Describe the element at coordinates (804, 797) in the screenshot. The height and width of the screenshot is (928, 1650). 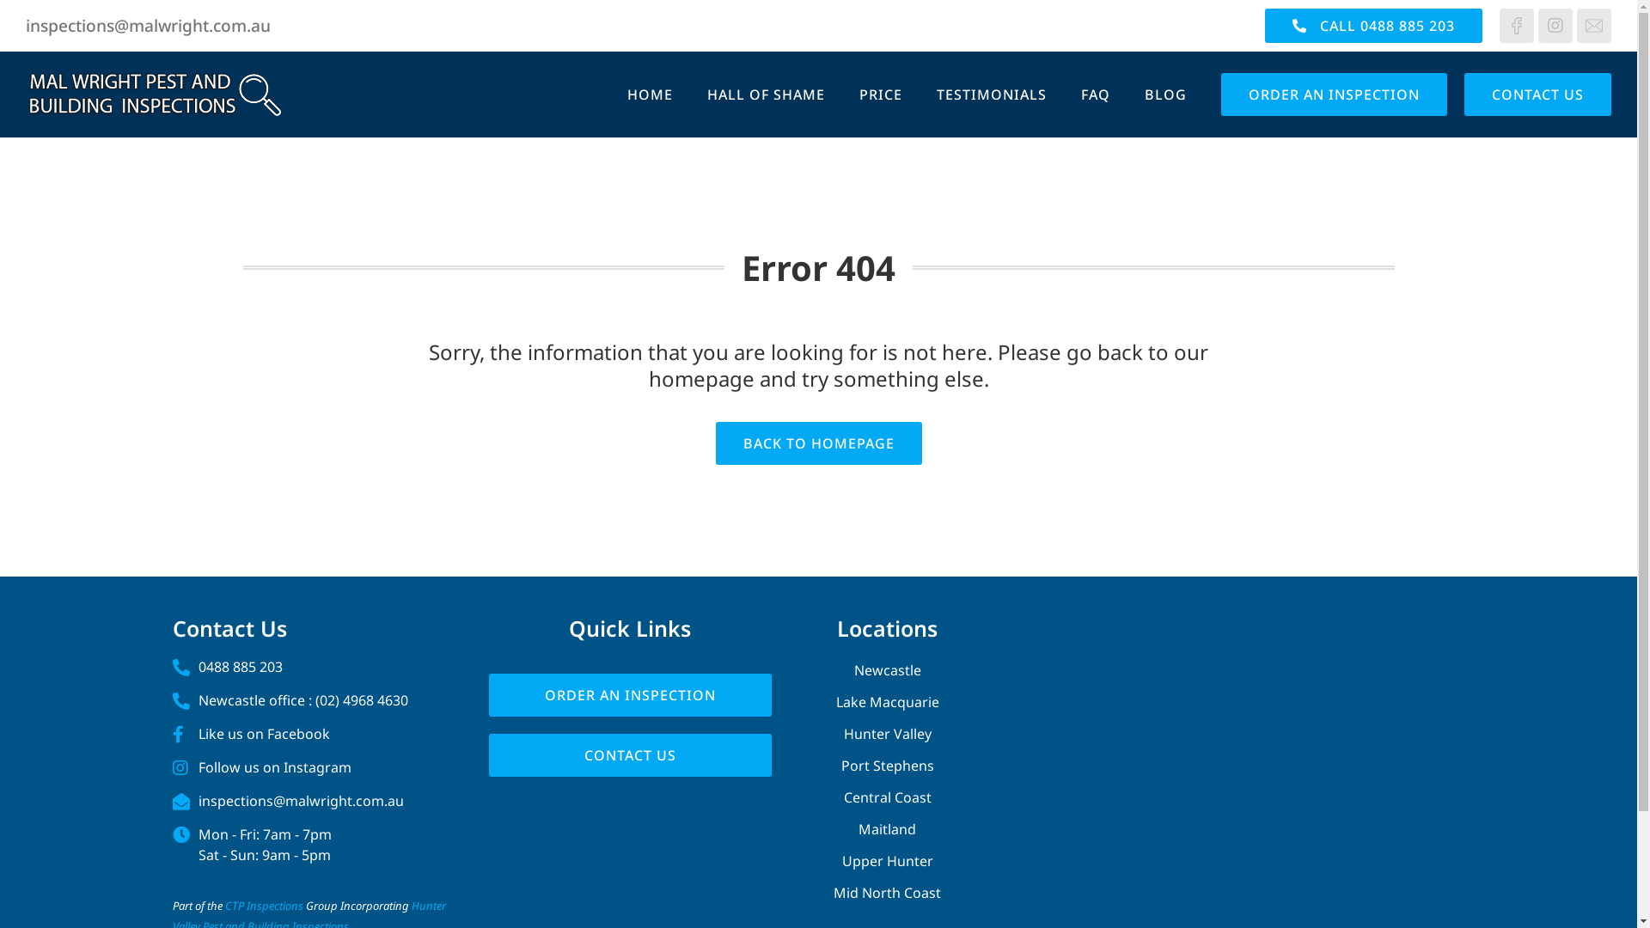
I see `'Central Coast'` at that location.